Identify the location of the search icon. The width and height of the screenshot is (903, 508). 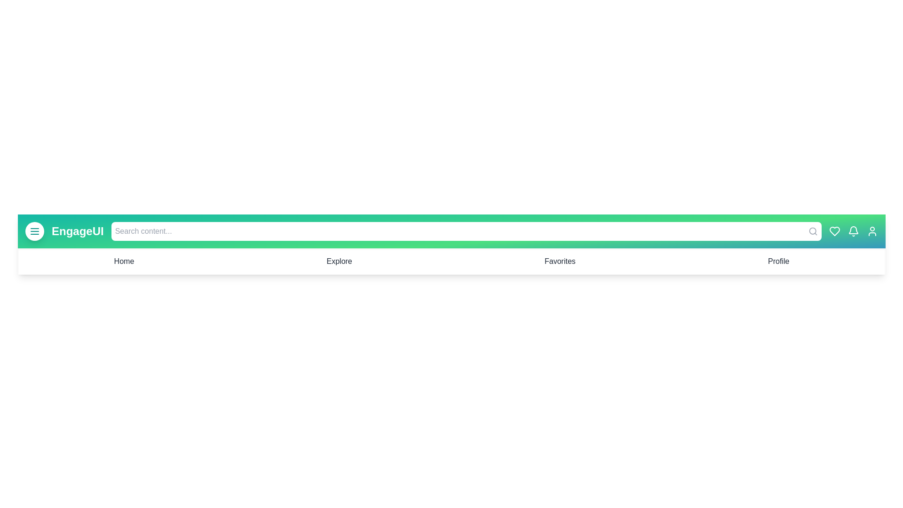
(812, 231).